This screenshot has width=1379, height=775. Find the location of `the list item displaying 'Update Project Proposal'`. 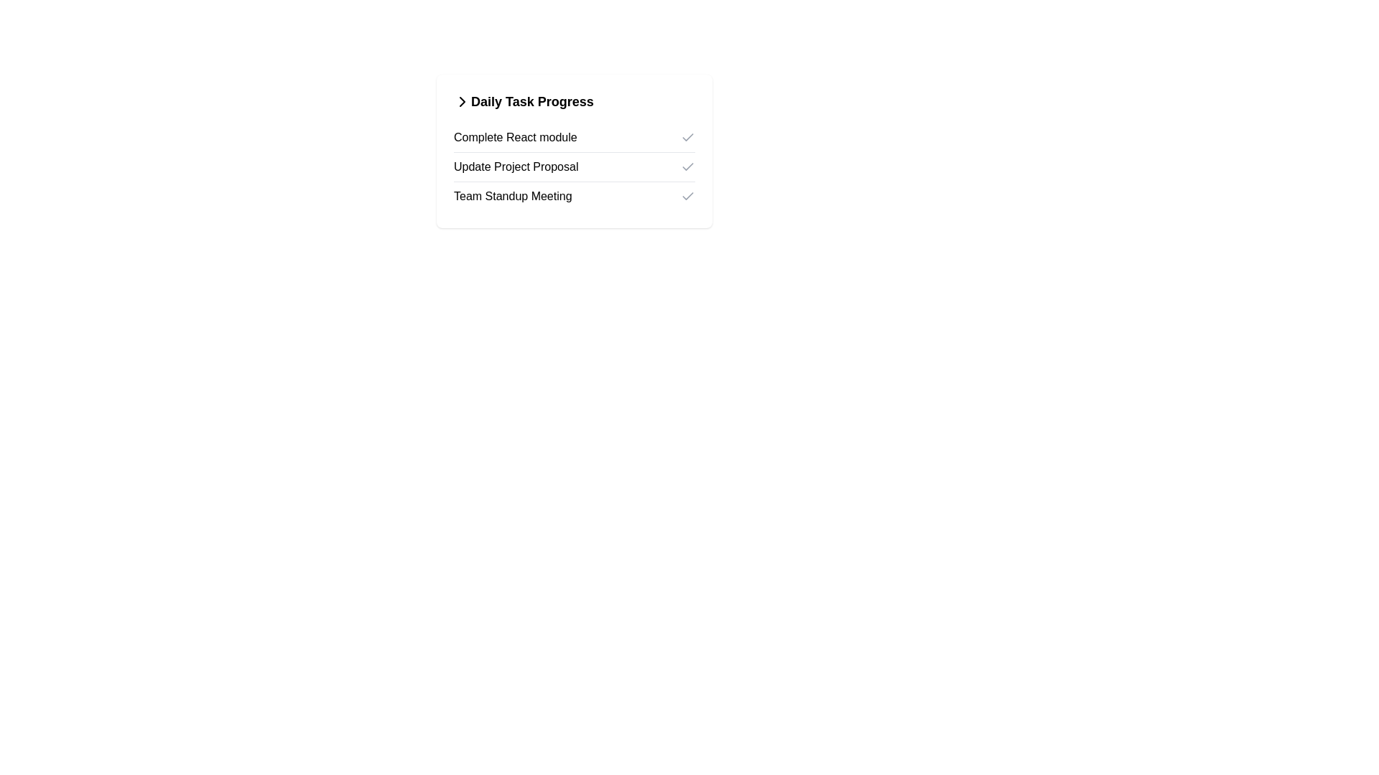

the list item displaying 'Update Project Proposal' is located at coordinates (575, 166).